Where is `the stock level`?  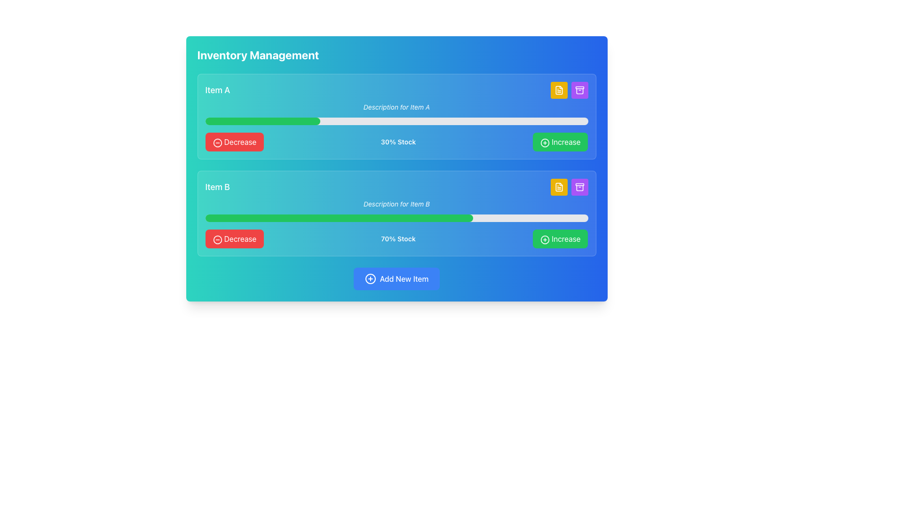 the stock level is located at coordinates (247, 121).